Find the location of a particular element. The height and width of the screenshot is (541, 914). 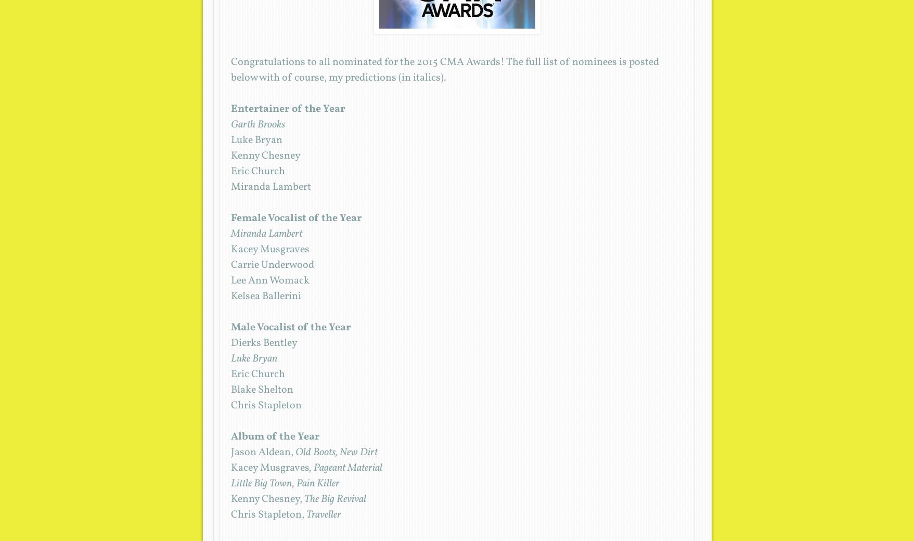

'Blake Shelton' is located at coordinates (262, 390).